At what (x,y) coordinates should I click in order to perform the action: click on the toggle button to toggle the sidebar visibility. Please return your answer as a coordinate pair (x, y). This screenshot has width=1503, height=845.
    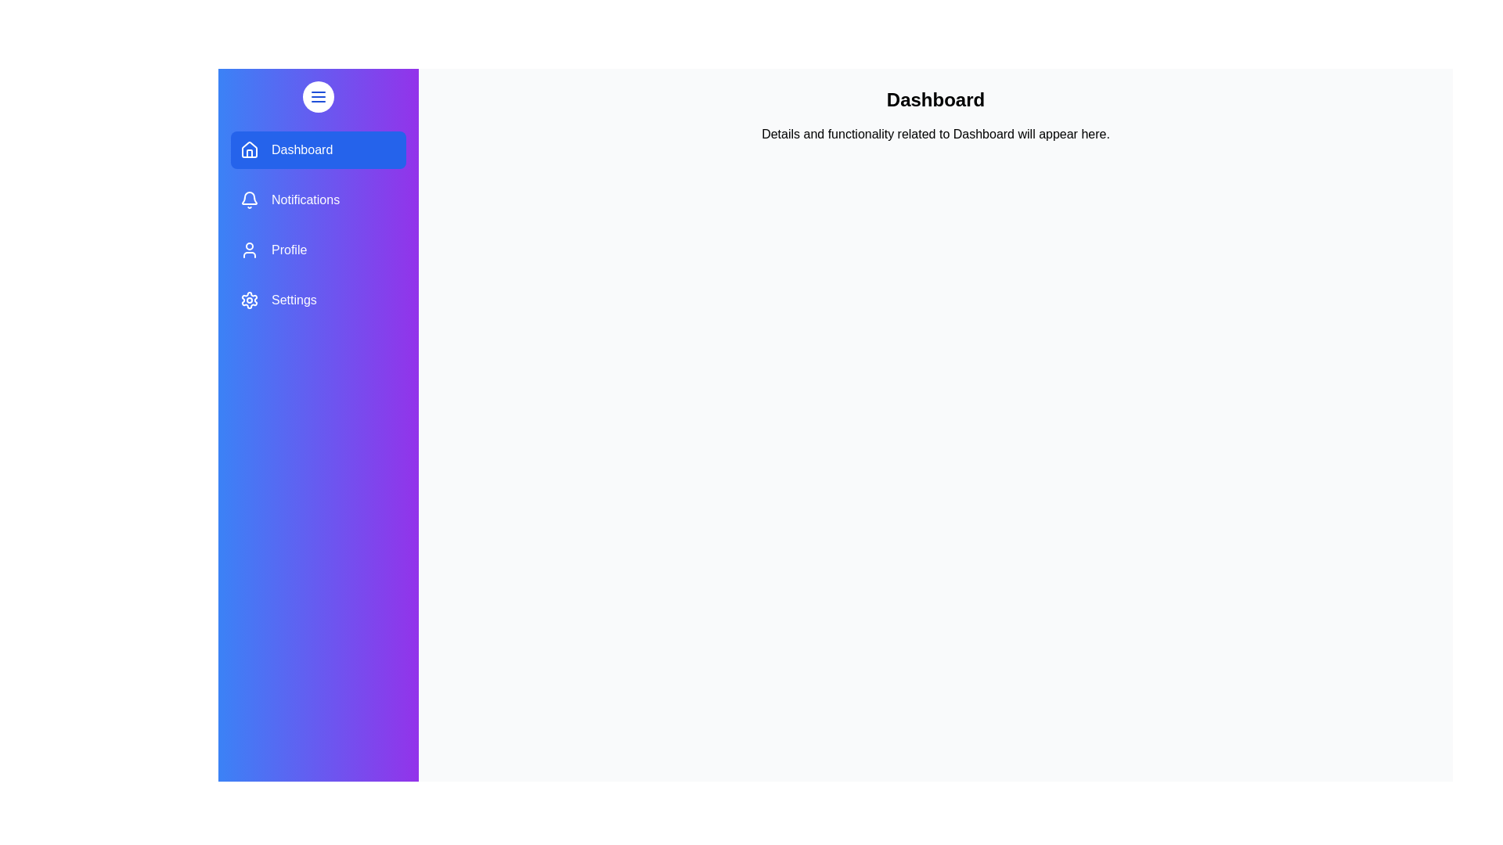
    Looking at the image, I should click on (318, 96).